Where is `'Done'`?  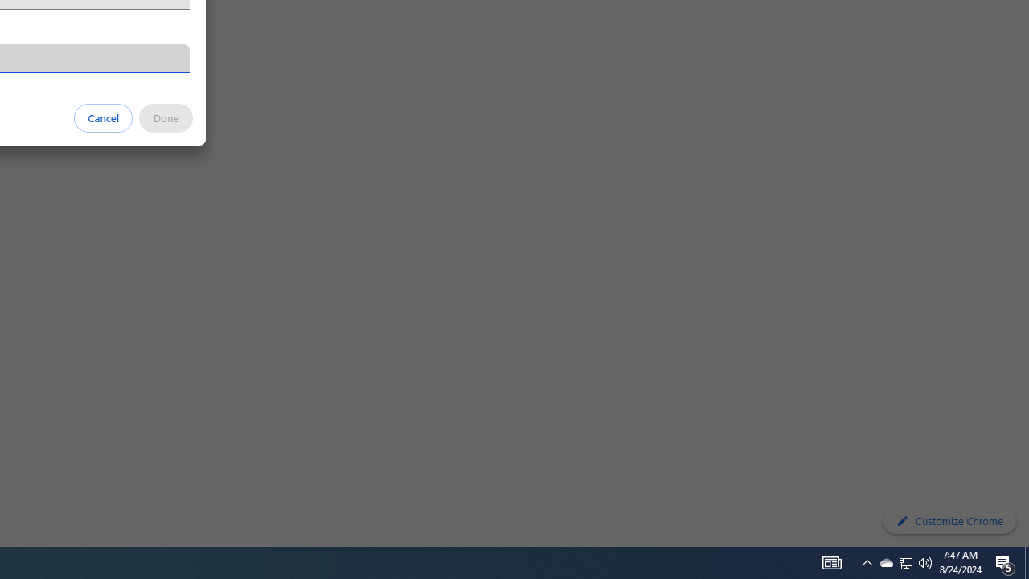
'Done' is located at coordinates (166, 117).